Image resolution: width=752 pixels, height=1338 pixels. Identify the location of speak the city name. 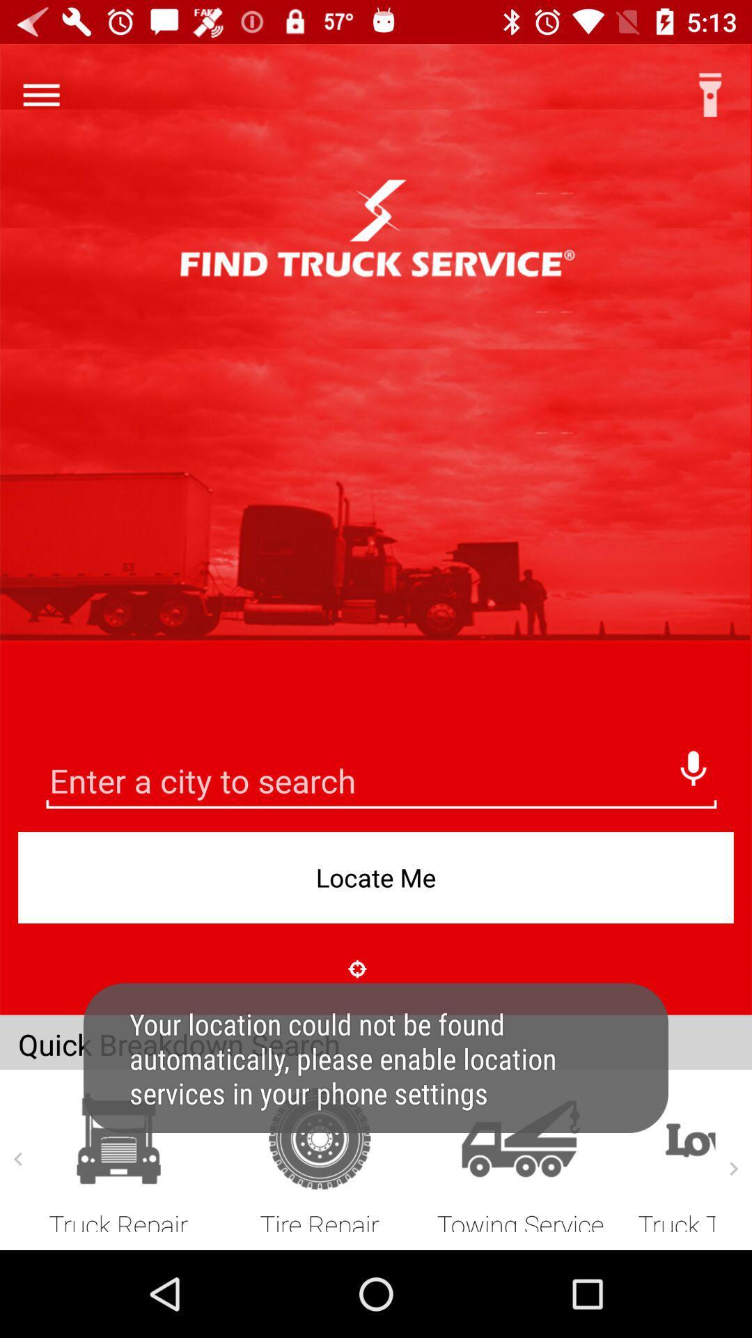
(693, 764).